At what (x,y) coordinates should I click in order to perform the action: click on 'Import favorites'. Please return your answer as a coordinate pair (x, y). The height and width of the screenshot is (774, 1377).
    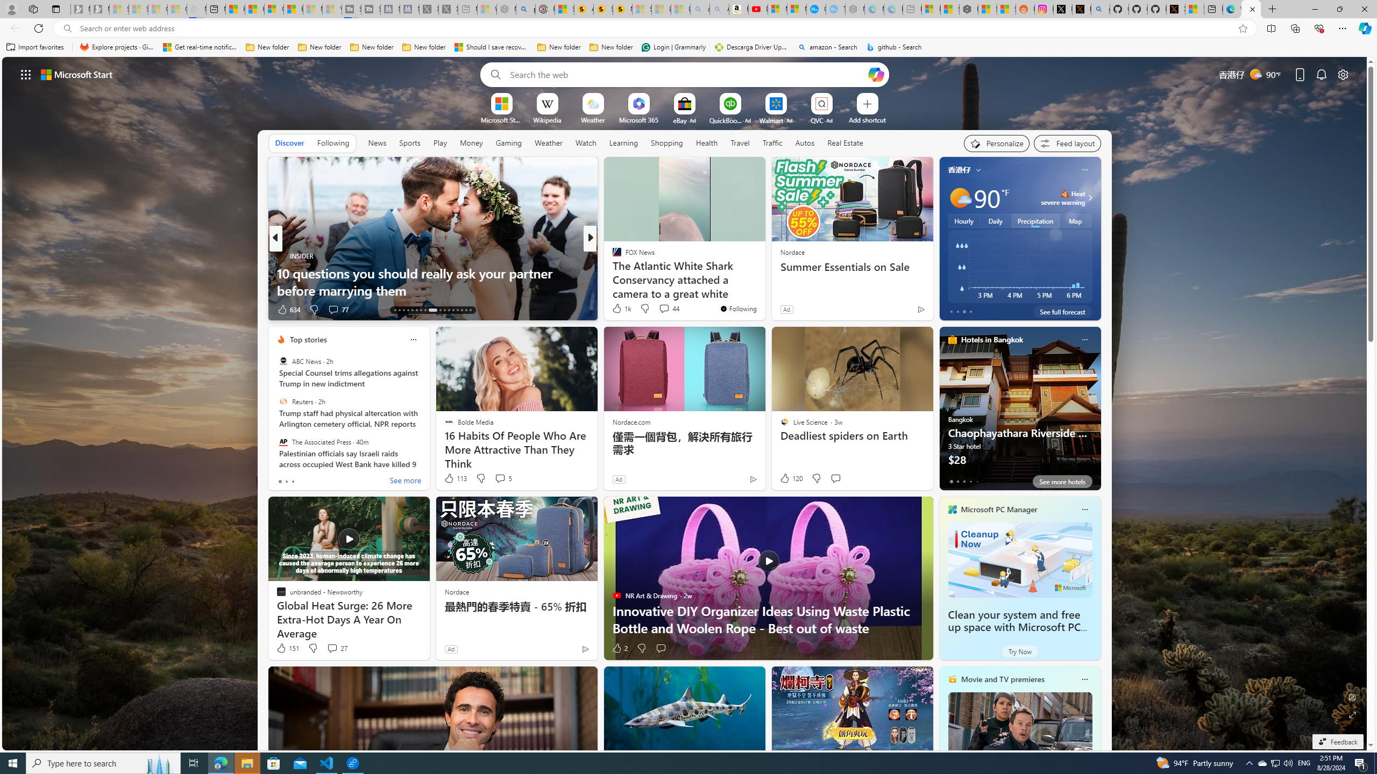
    Looking at the image, I should click on (35, 47).